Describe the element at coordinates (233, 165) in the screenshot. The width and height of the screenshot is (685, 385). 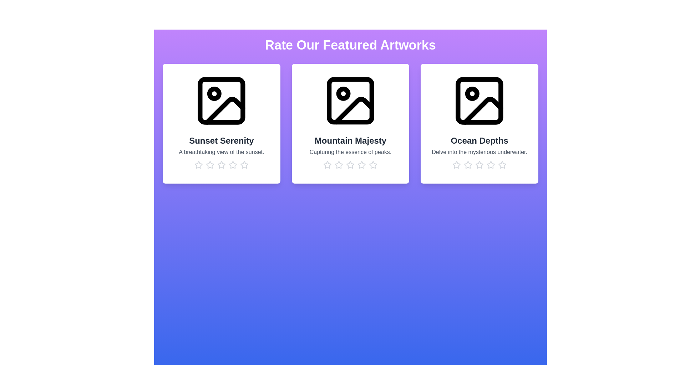
I see `the rating for the artwork 'Sunset Serenity' to 4 stars` at that location.